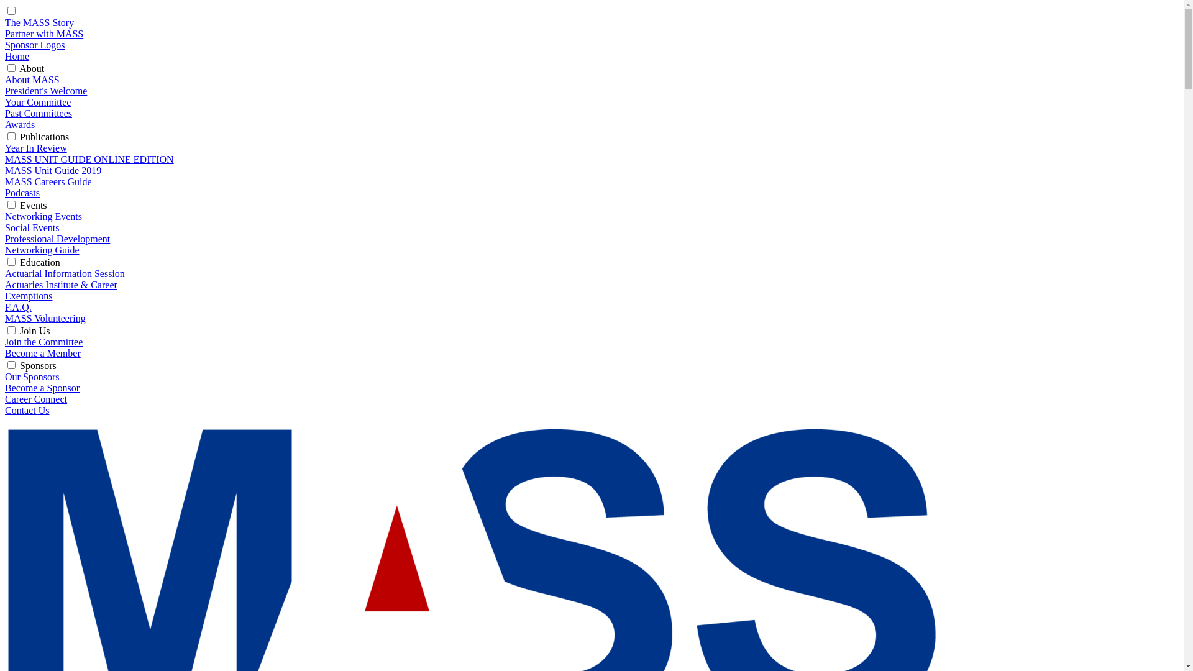  What do you see at coordinates (5, 124) in the screenshot?
I see `'Awards'` at bounding box center [5, 124].